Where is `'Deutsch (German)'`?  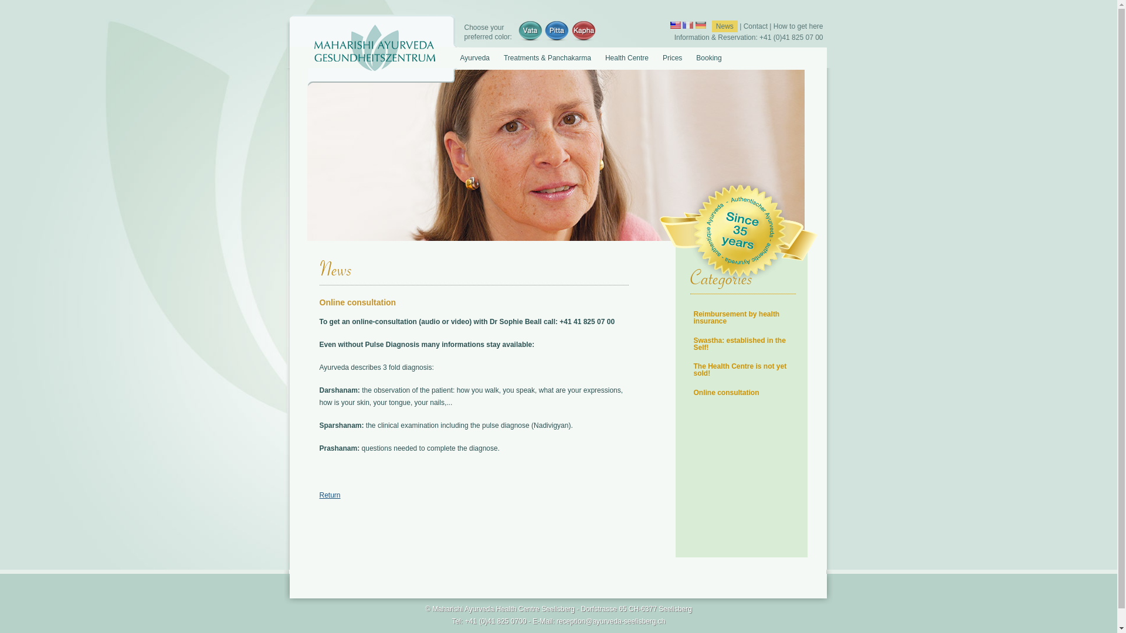 'Deutsch (German)' is located at coordinates (701, 25).